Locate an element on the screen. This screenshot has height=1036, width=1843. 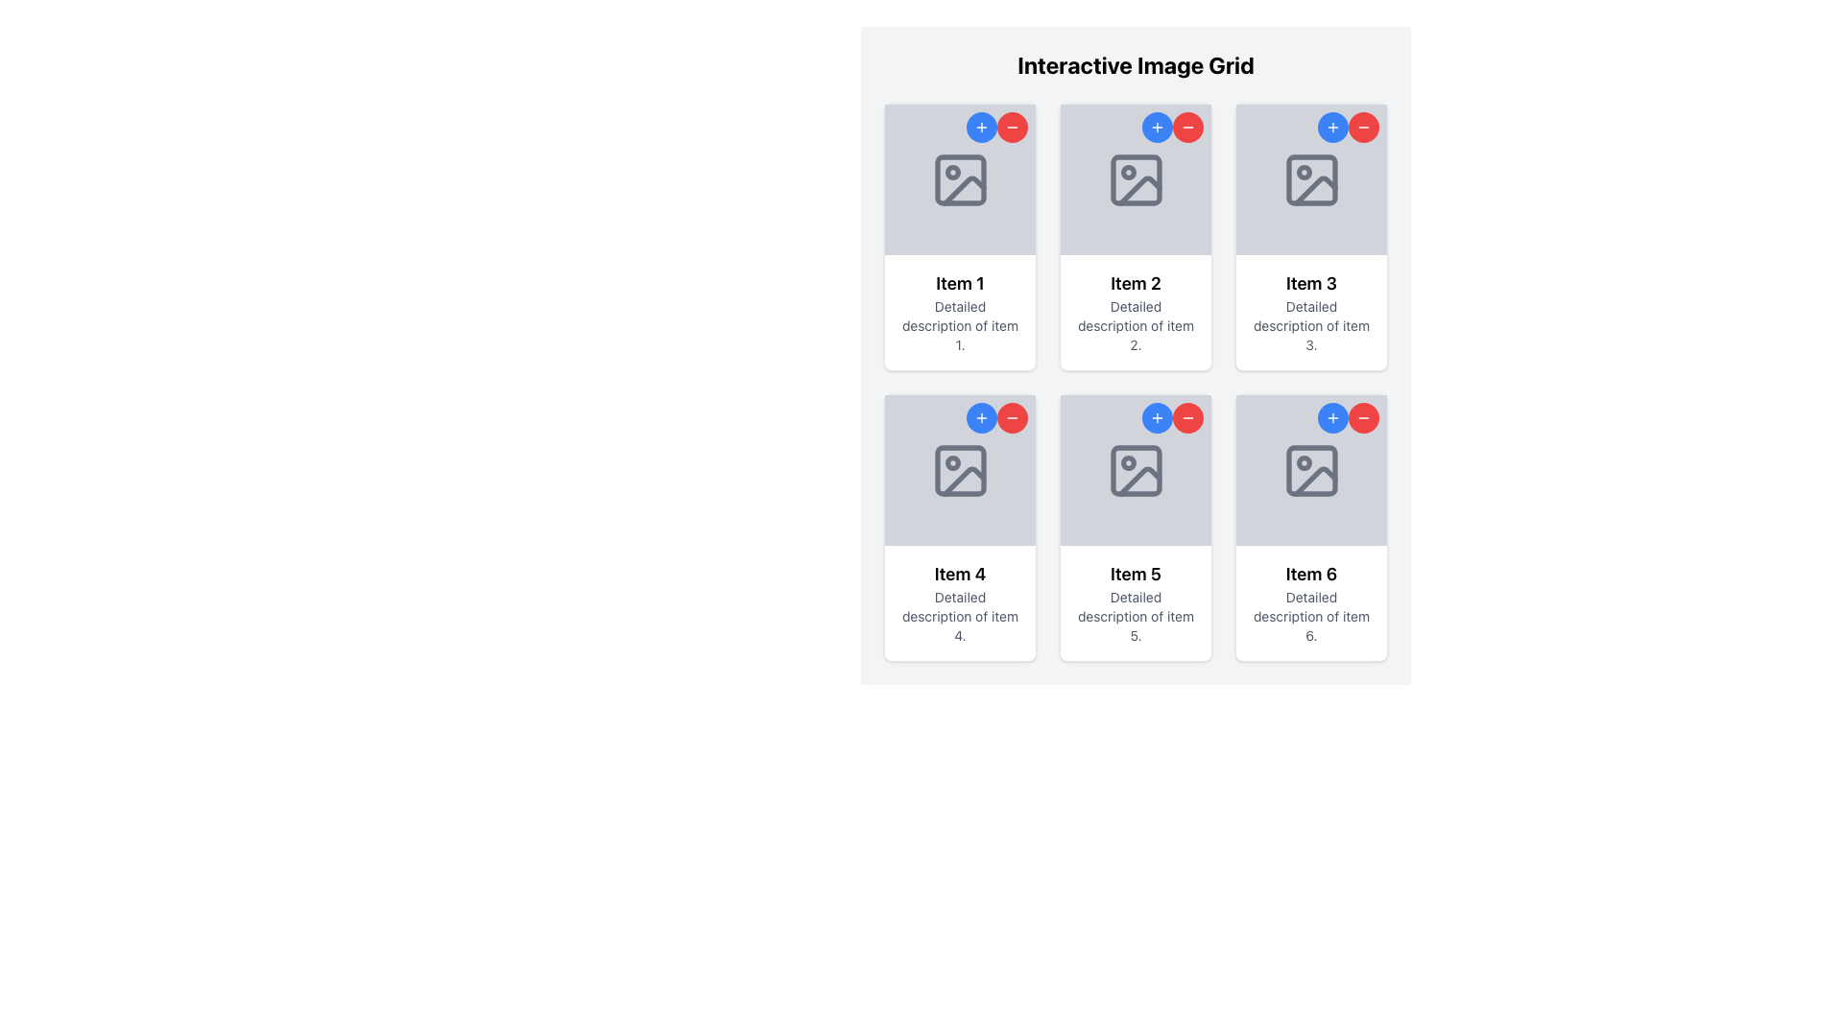
the remove icon located in the top-right corner of the card labeled 'Item 5', which is part of a red button is located at coordinates (1187, 416).